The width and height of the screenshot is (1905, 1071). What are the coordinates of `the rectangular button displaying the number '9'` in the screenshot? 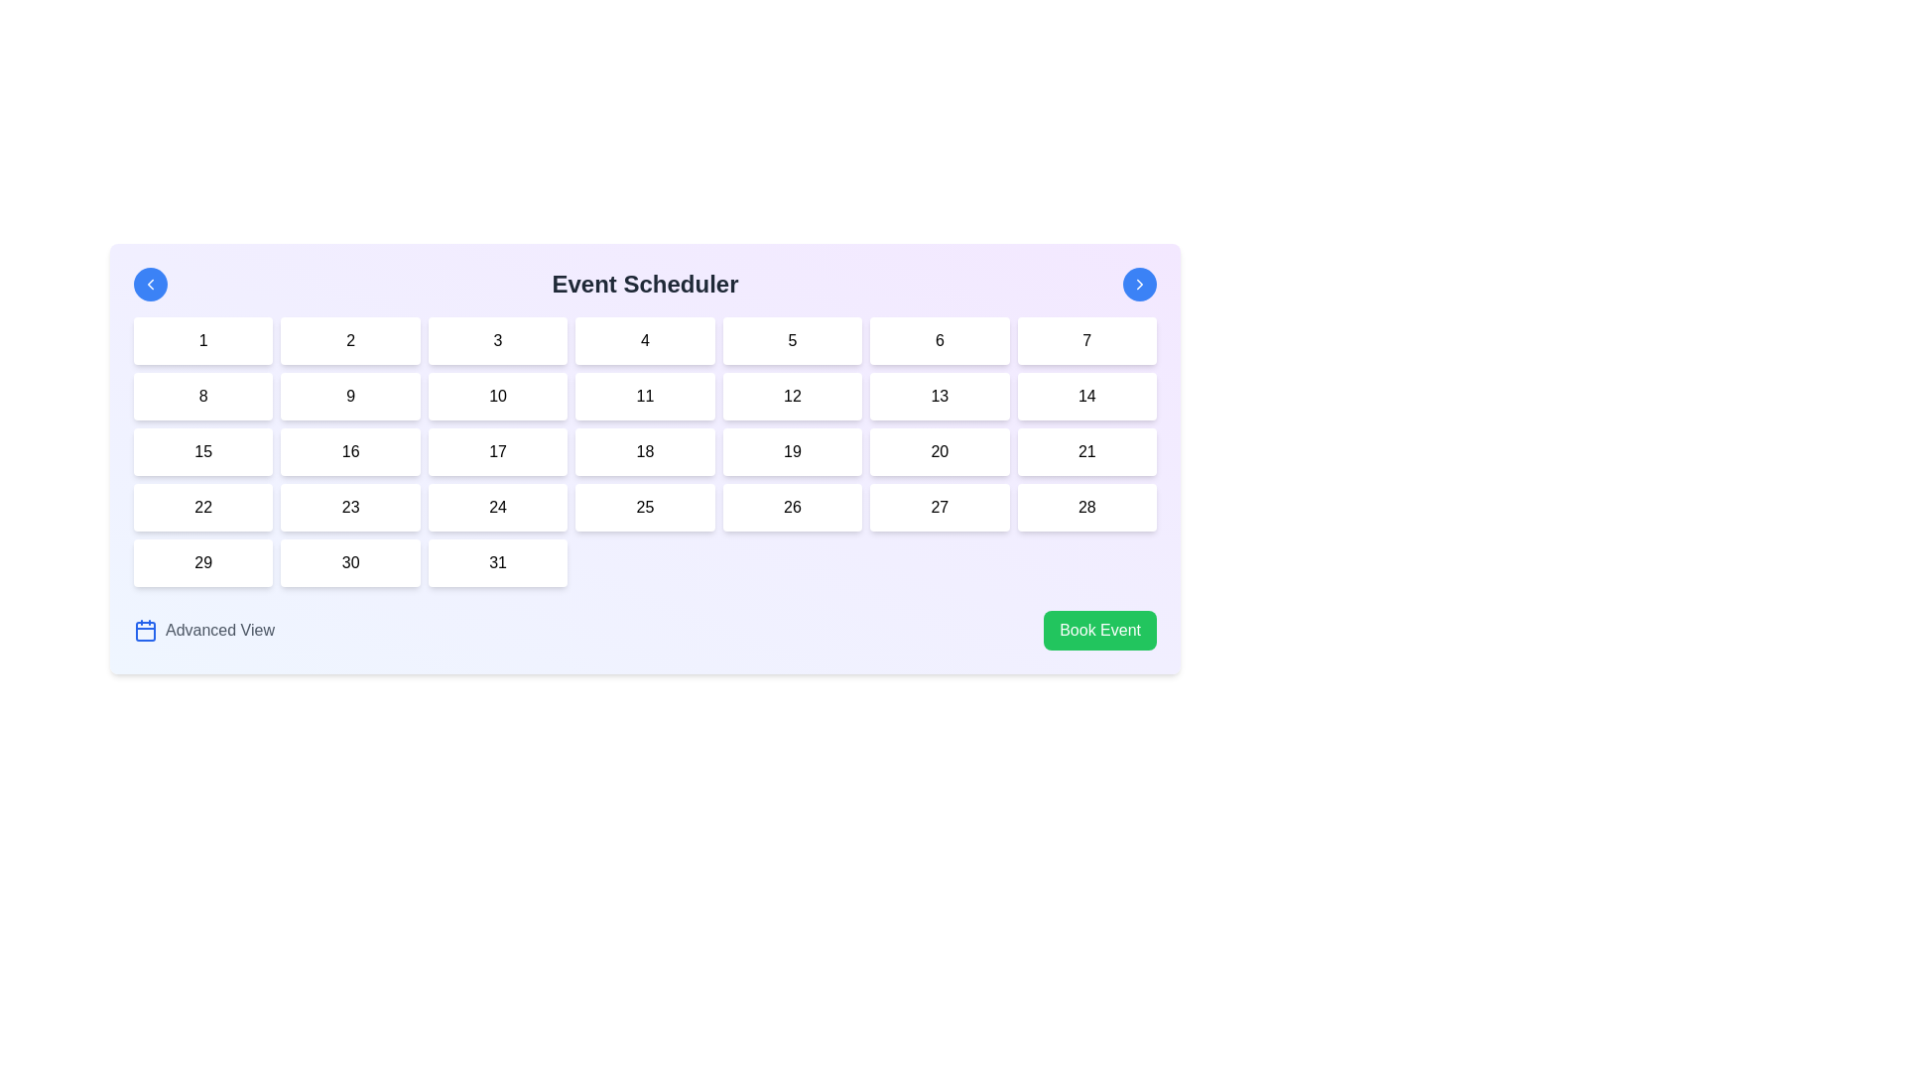 It's located at (350, 397).